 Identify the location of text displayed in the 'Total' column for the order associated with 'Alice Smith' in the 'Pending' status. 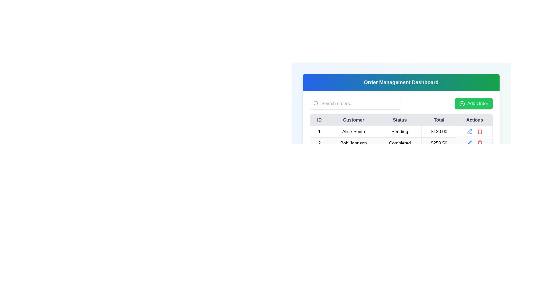
(439, 132).